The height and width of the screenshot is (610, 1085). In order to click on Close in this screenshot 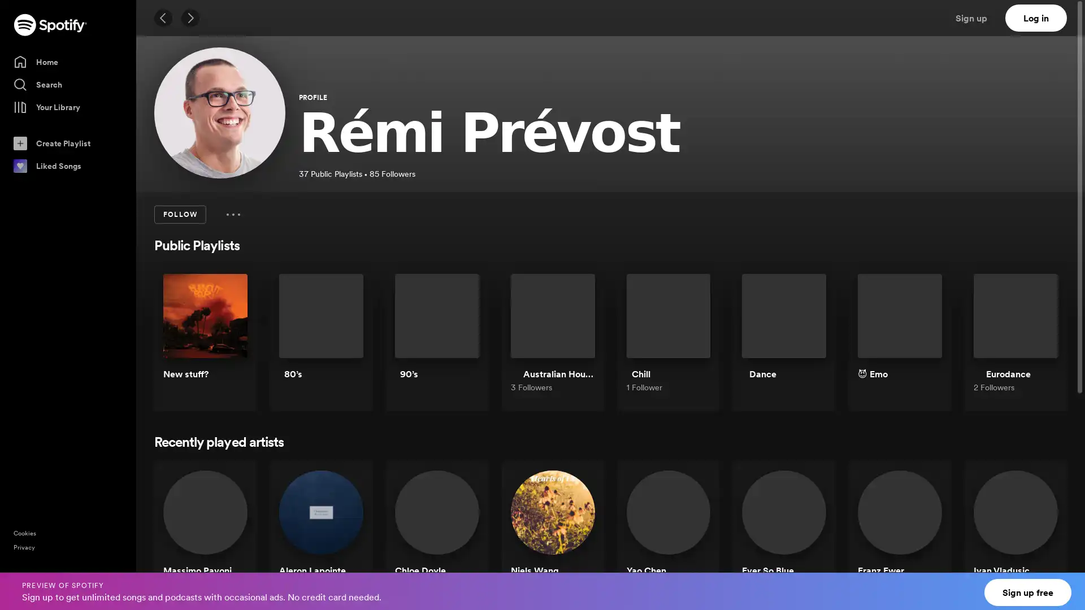, I will do `click(1066, 584)`.